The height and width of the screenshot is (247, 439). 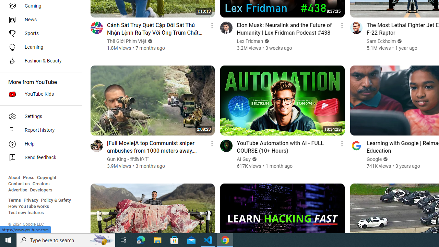 I want to click on 'How YouTube works', so click(x=28, y=206).